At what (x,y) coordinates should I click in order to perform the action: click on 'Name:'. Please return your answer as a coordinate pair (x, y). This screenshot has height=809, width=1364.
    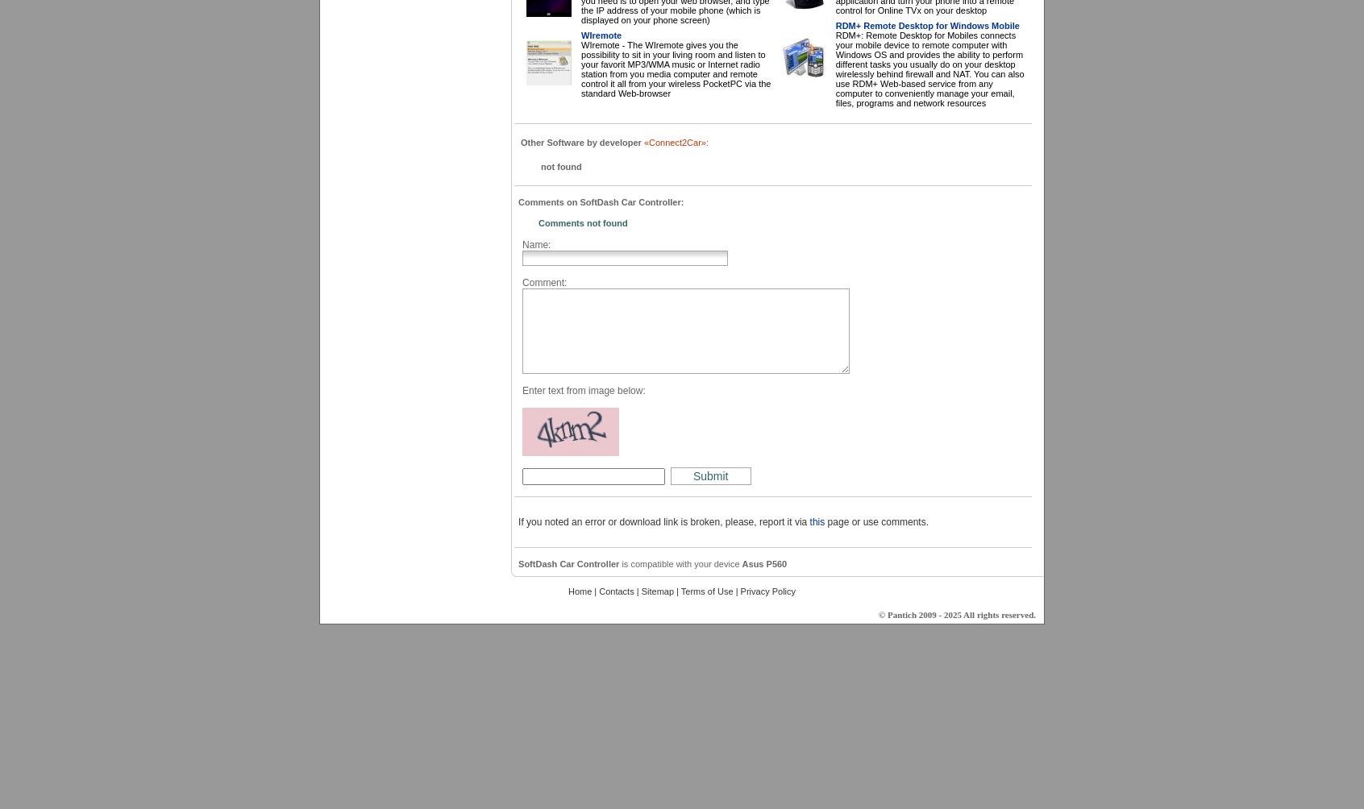
    Looking at the image, I should click on (536, 245).